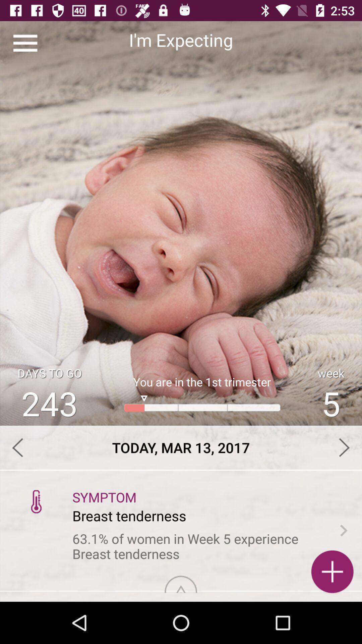  Describe the element at coordinates (344, 530) in the screenshot. I see `the item to the right of the 63 1 of icon` at that location.